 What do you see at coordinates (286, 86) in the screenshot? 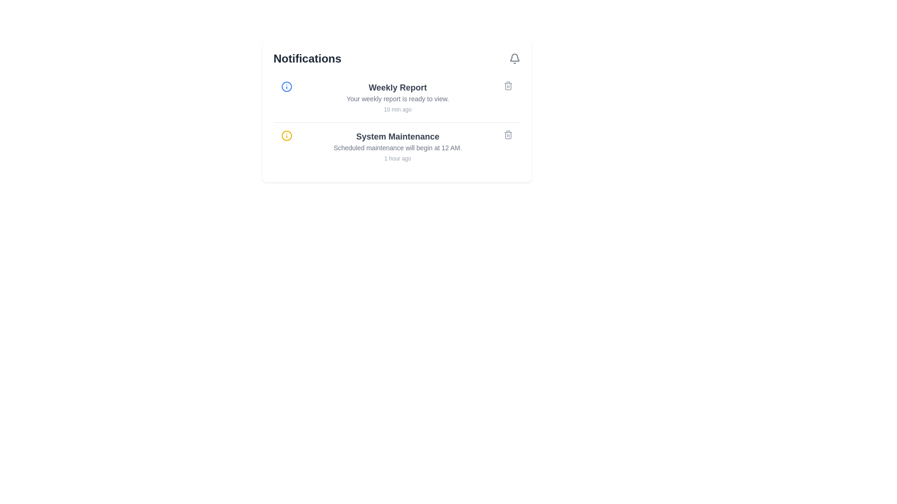
I see `the circular icon with a blue outline and hollow interior resembling an information symbol, located to the far left within the 'Weekly Report' notification item` at bounding box center [286, 86].